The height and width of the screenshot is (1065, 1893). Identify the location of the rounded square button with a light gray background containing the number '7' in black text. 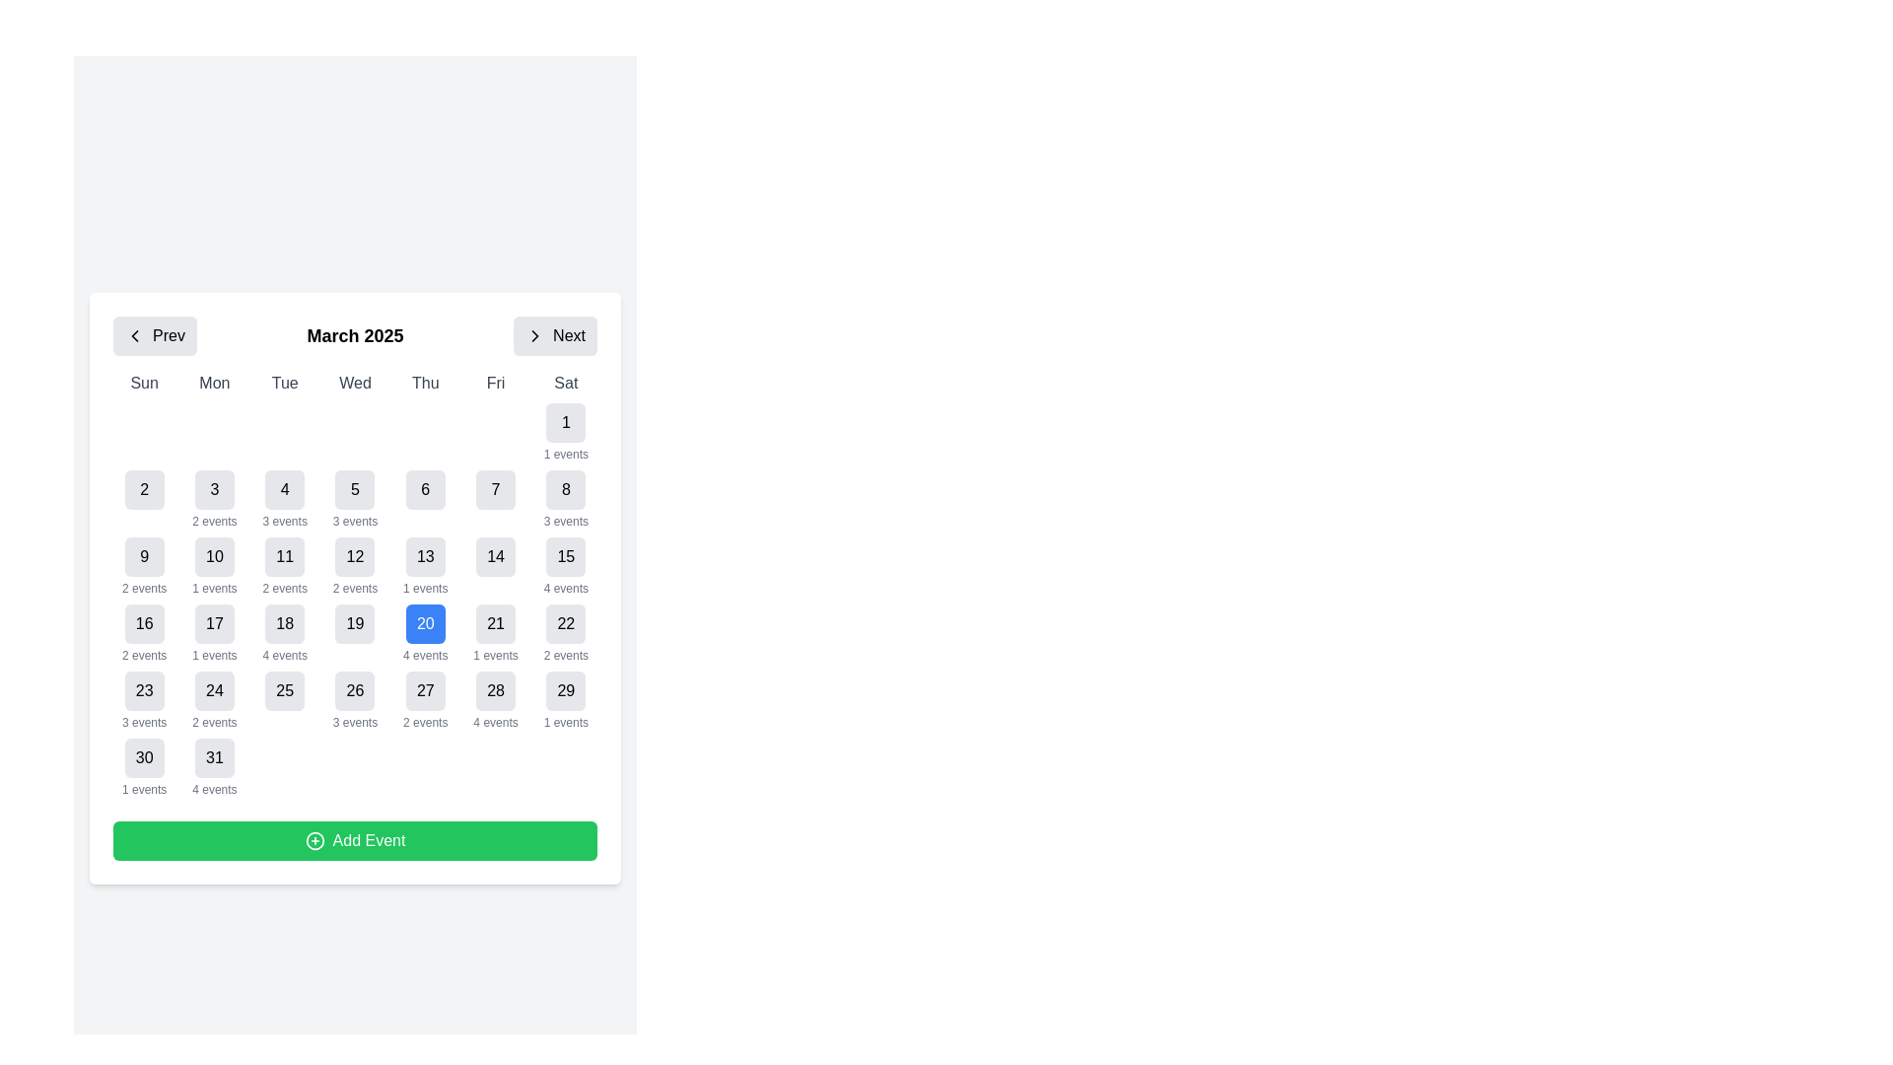
(496, 489).